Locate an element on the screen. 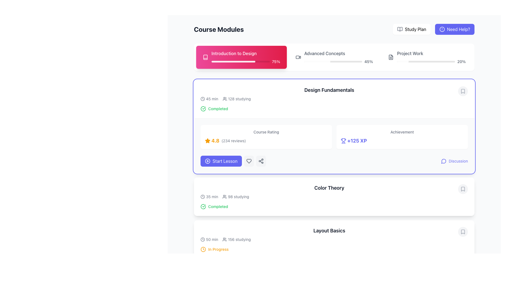 The image size is (526, 296). the circular icon with a checkmark in its center, styled with a green stroke, indicating a successful action, located to the left of the text 'Completed' is located at coordinates (203, 109).